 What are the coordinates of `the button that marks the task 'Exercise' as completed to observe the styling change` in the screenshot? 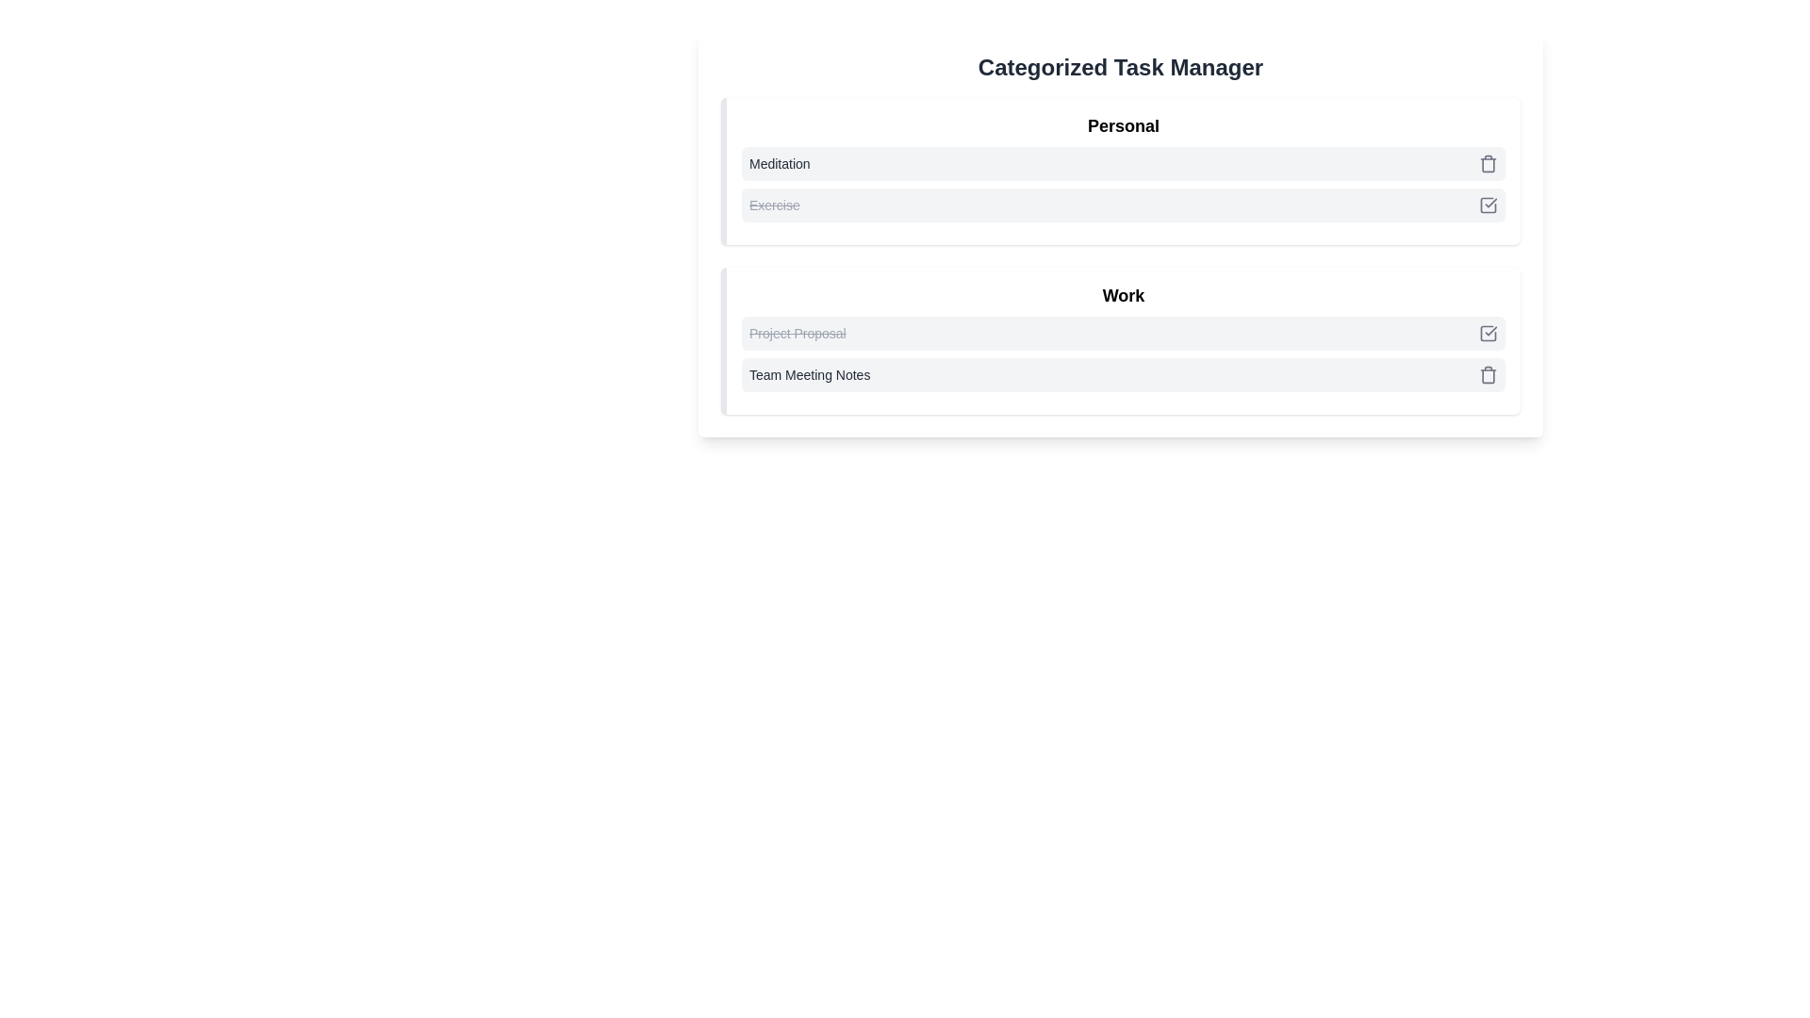 It's located at (1488, 205).